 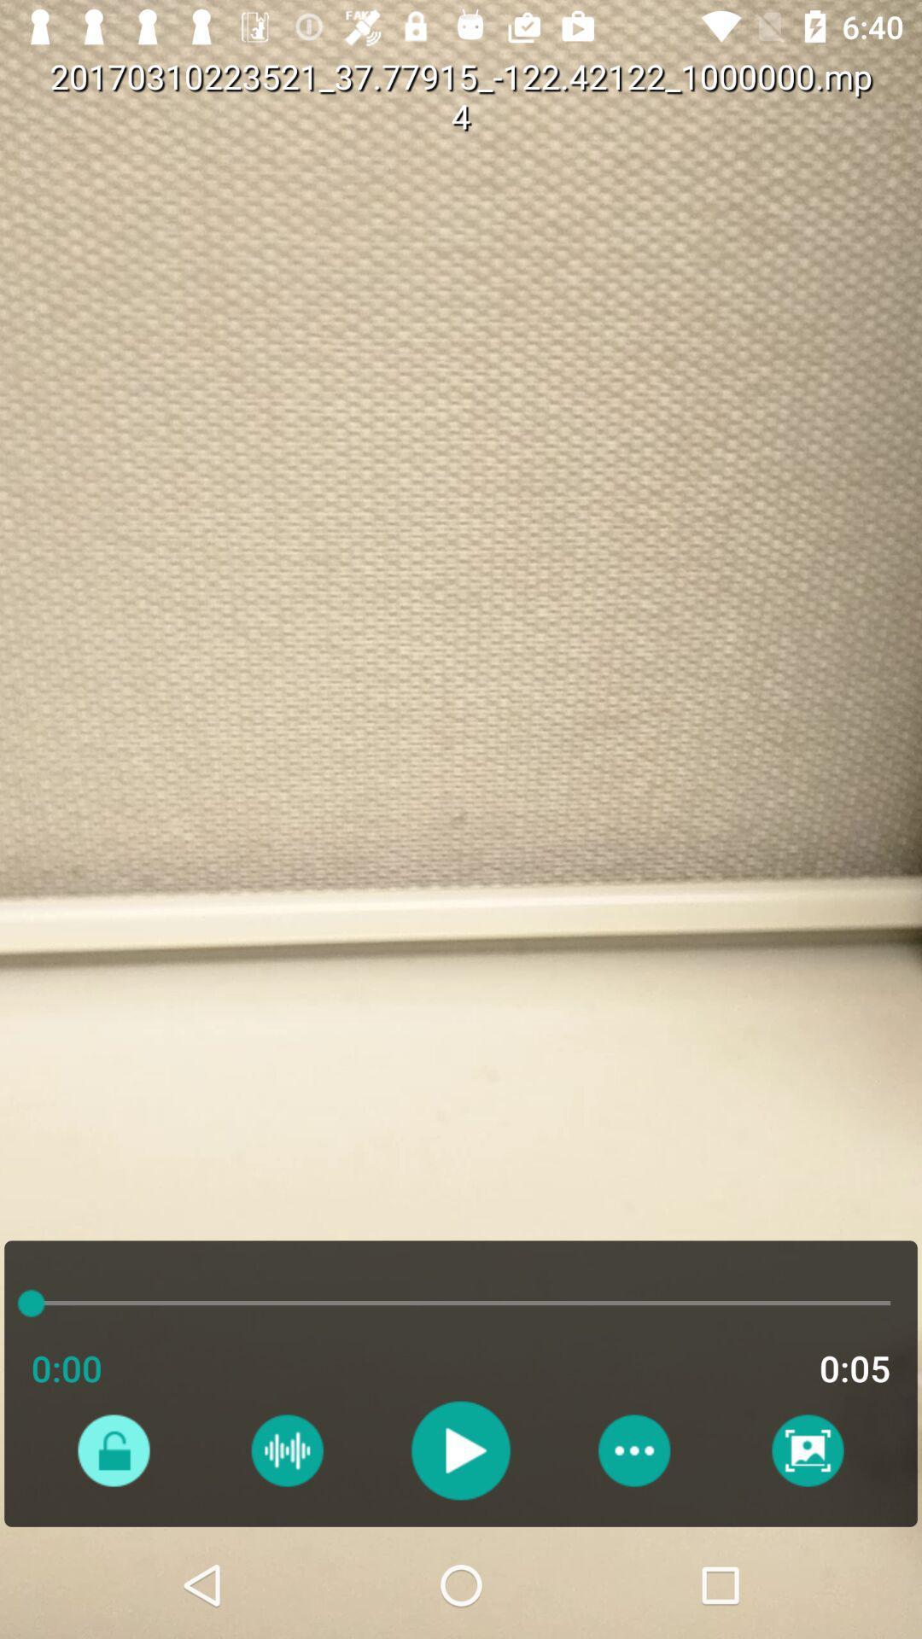 What do you see at coordinates (459, 1449) in the screenshot?
I see `button` at bounding box center [459, 1449].